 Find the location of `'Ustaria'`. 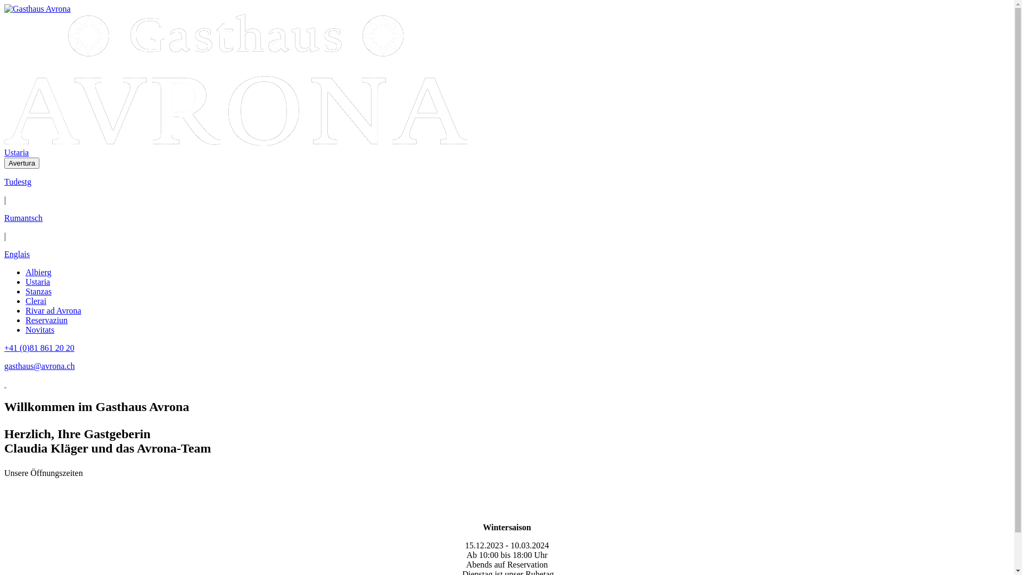

'Ustaria' is located at coordinates (16, 152).